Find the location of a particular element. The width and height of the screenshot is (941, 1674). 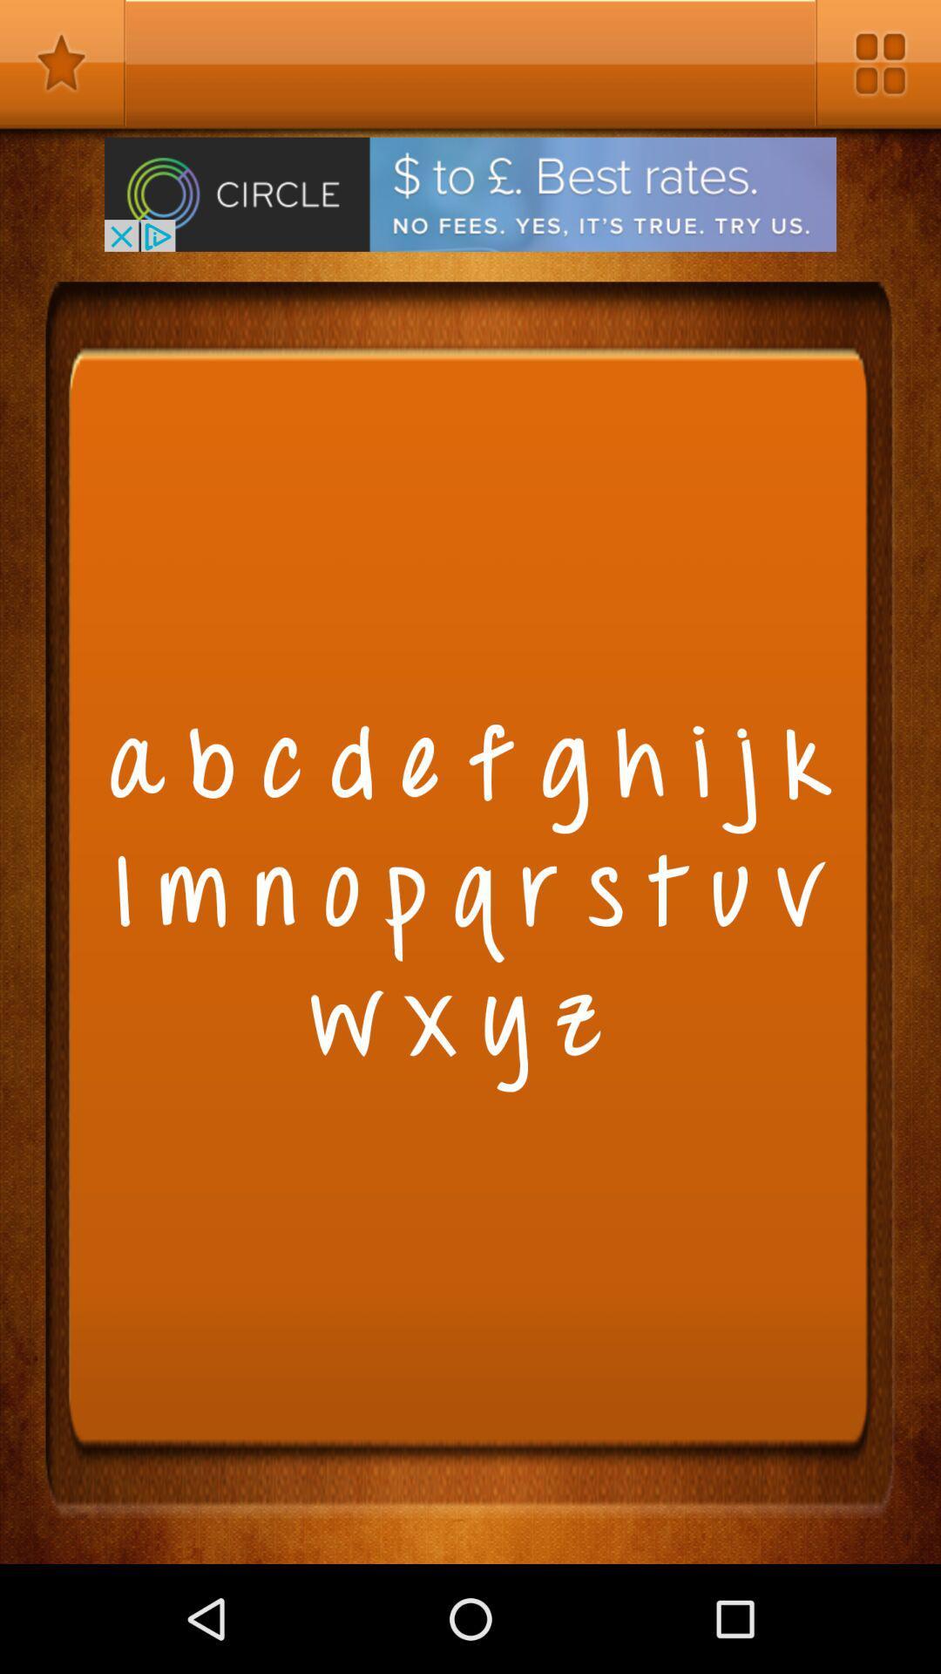

choose favourites is located at coordinates (62, 63).